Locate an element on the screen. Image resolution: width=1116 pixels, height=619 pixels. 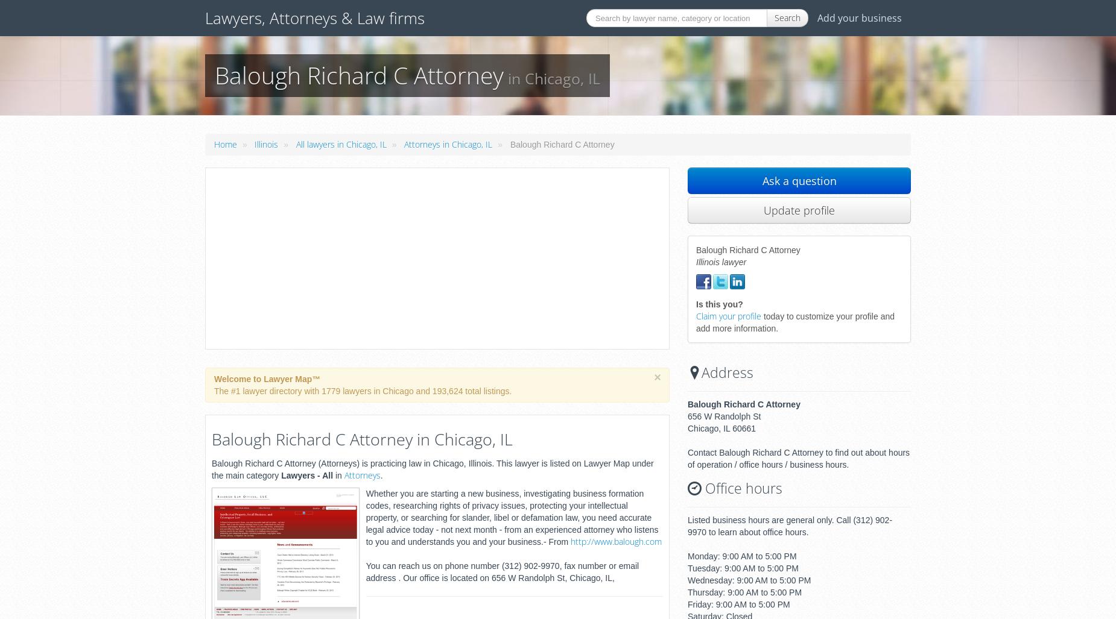
'Balough Richard C Attorney (Attorneys) is practicing law in Chicago, Illinois. 			     This lawyer is listed on Lawyer Map under the main category' is located at coordinates (433, 468).